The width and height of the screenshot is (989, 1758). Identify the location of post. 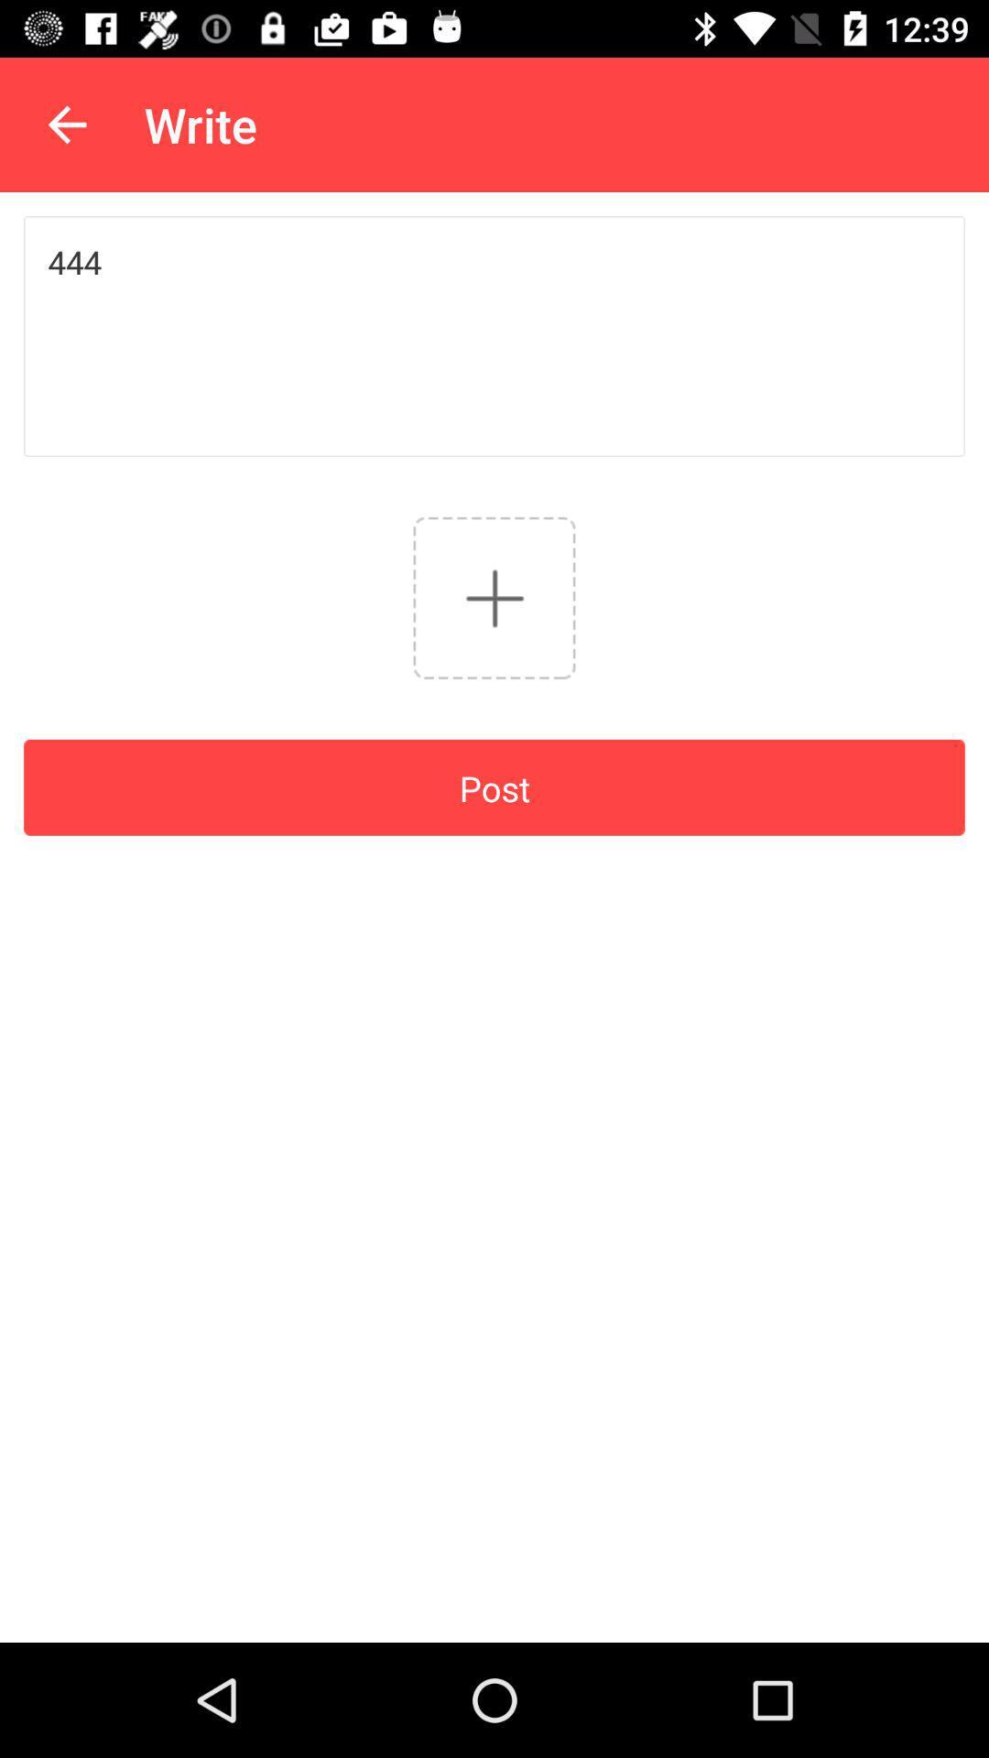
(494, 598).